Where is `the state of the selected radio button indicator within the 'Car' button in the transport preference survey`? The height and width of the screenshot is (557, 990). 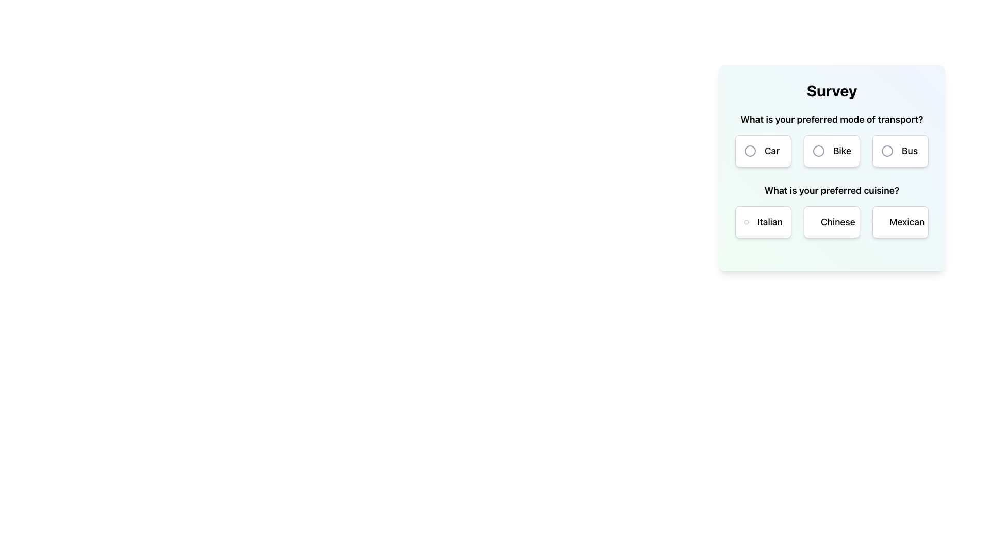
the state of the selected radio button indicator within the 'Car' button in the transport preference survey is located at coordinates (750, 151).